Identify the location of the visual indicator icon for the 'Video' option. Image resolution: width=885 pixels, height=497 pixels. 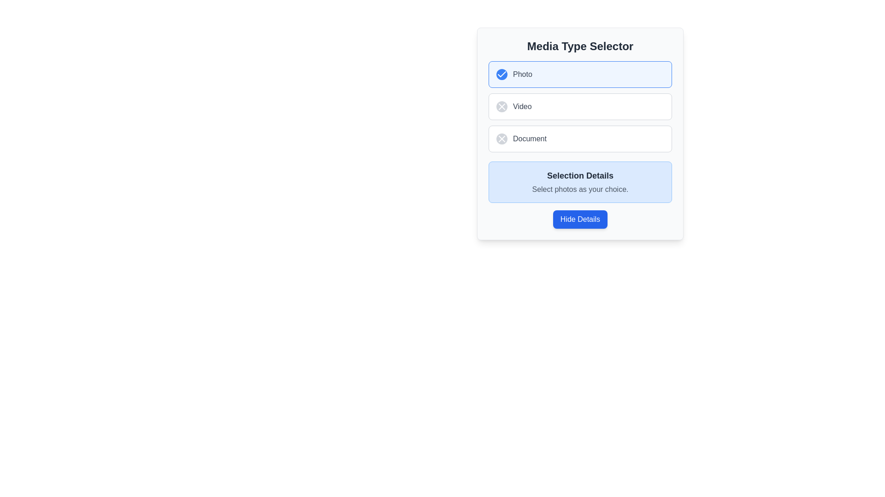
(501, 106).